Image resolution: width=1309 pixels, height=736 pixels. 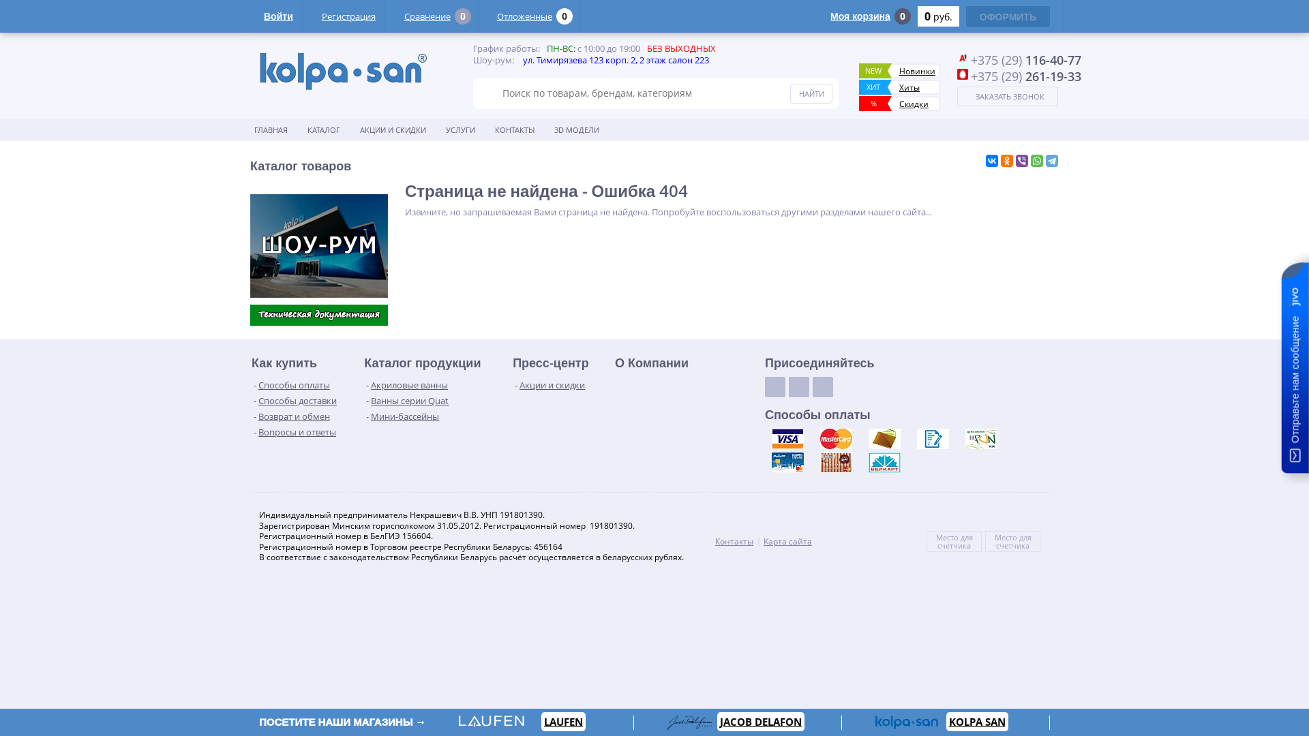 I want to click on 'Telegram', so click(x=1051, y=159).